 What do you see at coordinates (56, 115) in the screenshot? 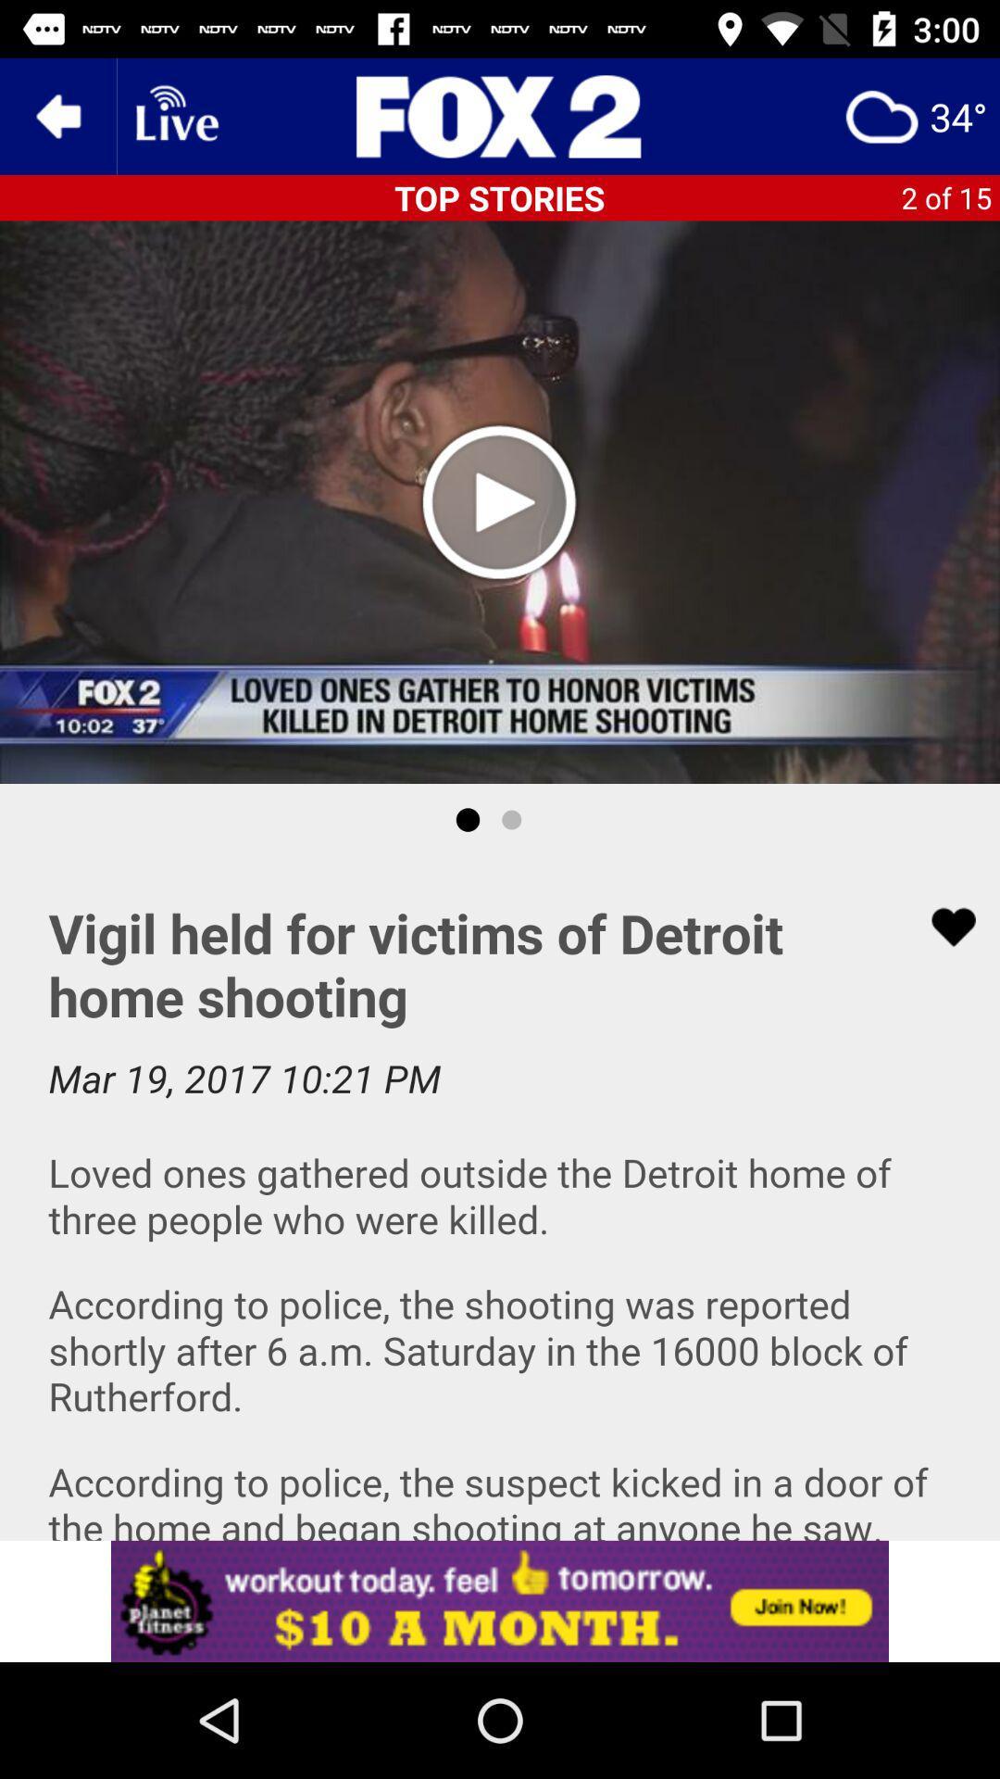
I see `go back` at bounding box center [56, 115].